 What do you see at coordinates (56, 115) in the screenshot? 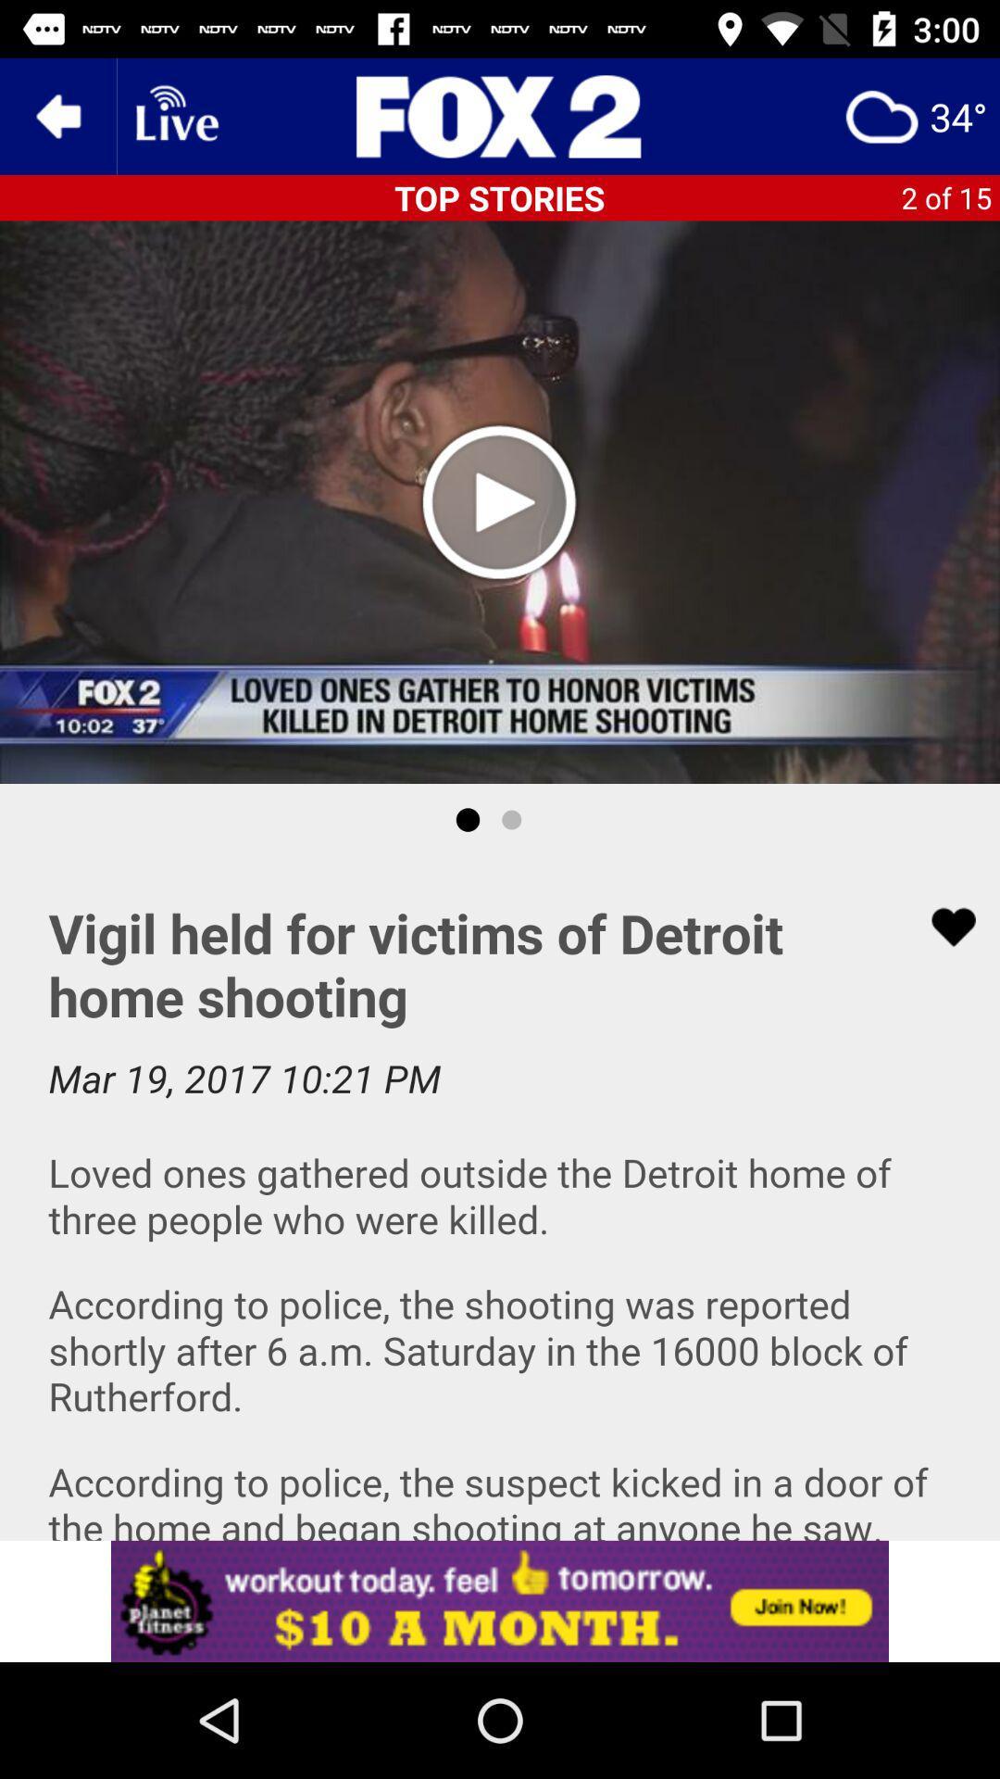
I see `go back` at bounding box center [56, 115].